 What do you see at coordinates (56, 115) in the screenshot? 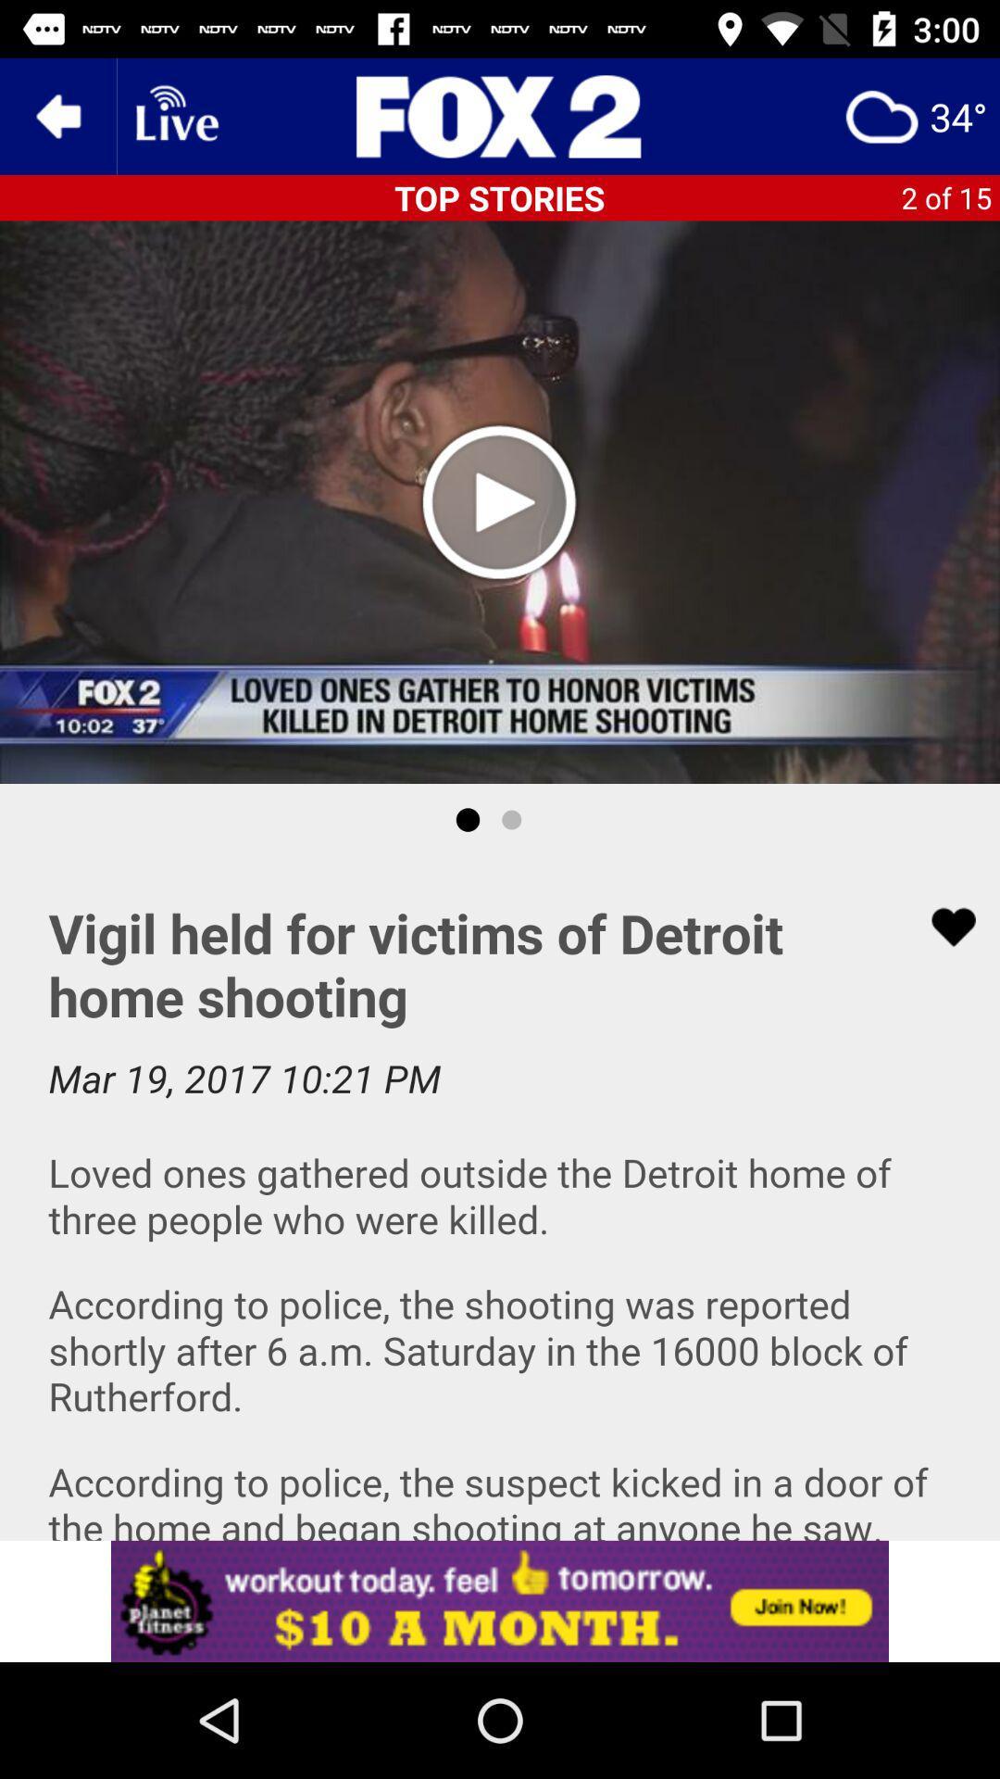
I see `go back` at bounding box center [56, 115].